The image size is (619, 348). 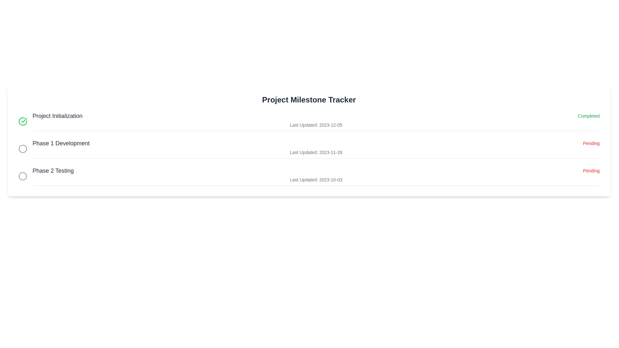 I want to click on the circular grayscale icon located to the left of the 'Phase 1 Development' text in the second row of the vertically stacked list, so click(x=23, y=149).